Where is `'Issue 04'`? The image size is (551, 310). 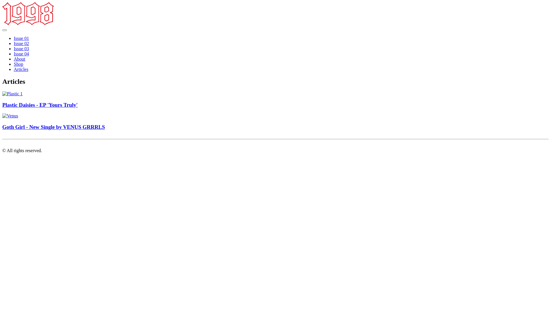 'Issue 04' is located at coordinates (21, 54).